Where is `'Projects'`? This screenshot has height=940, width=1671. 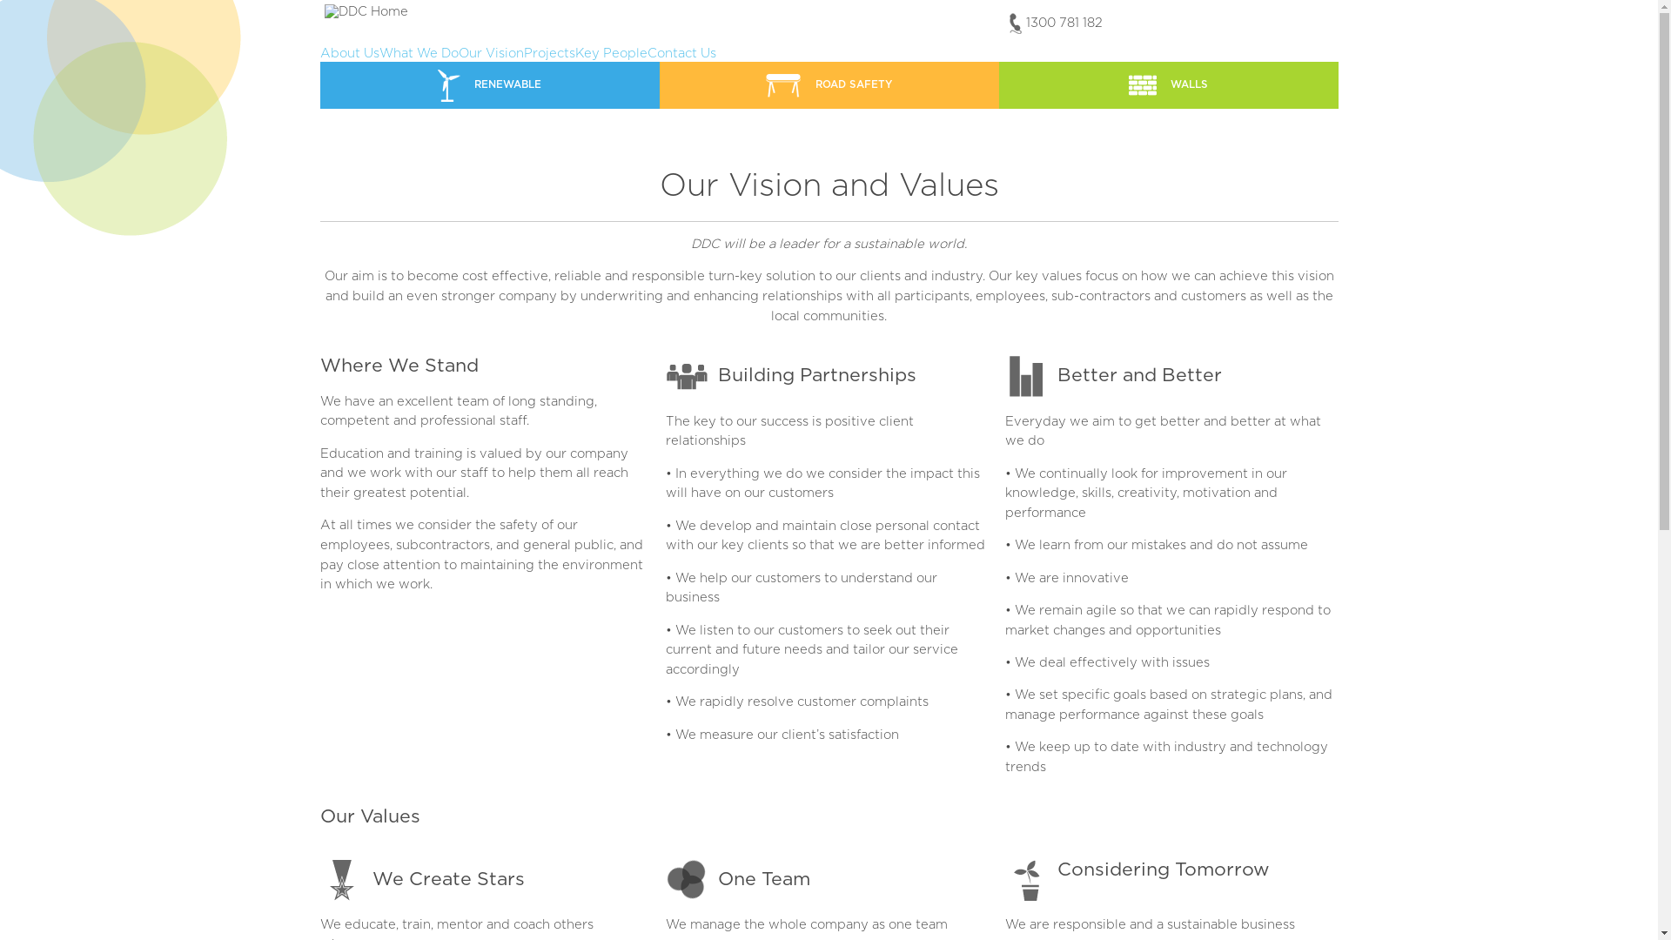 'Projects' is located at coordinates (548, 52).